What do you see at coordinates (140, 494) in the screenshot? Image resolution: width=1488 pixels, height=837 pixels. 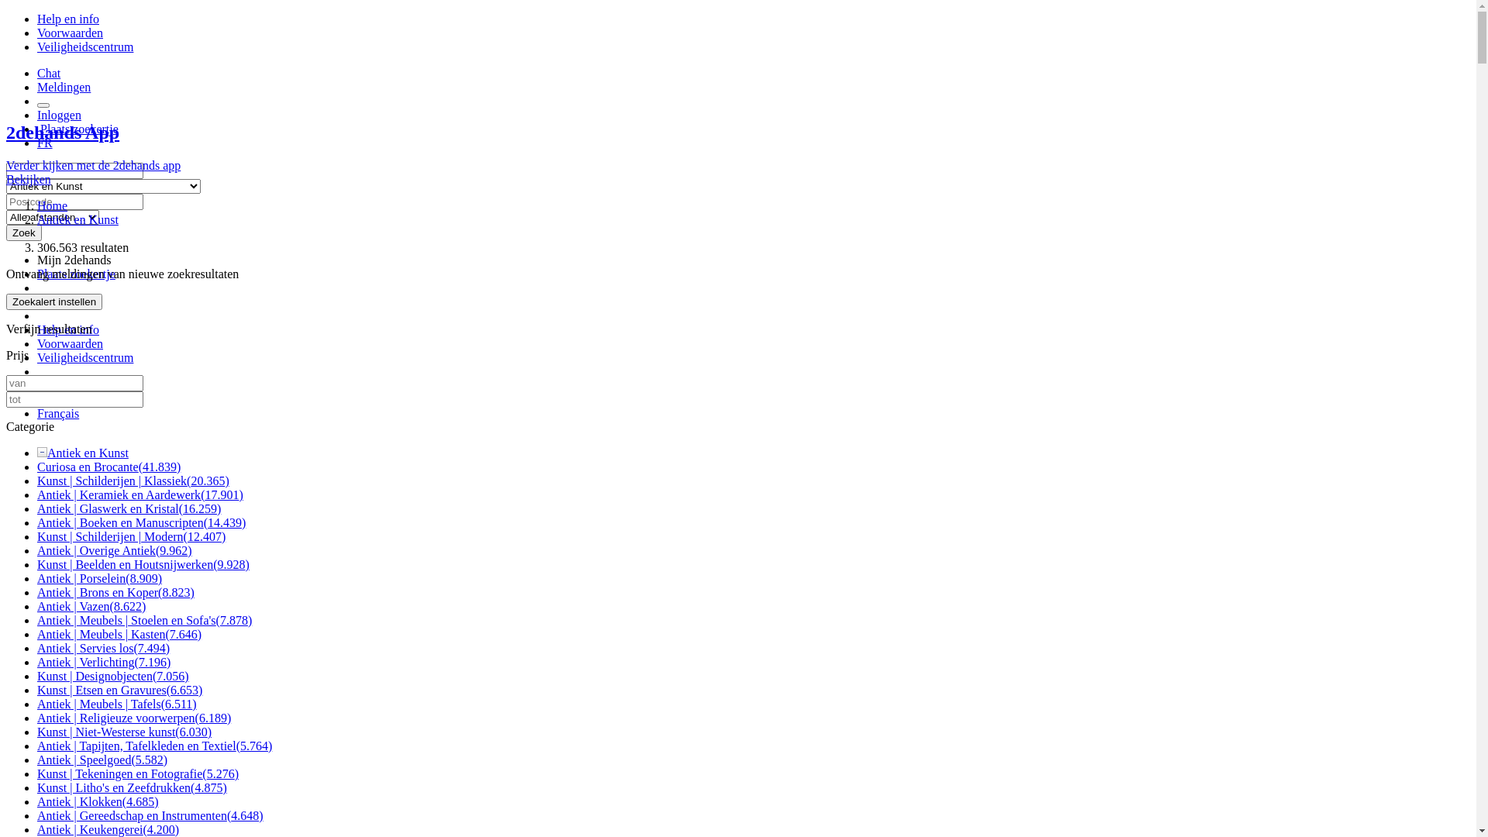 I see `'Antiek | Keramiek en Aardewerk(17.901)'` at bounding box center [140, 494].